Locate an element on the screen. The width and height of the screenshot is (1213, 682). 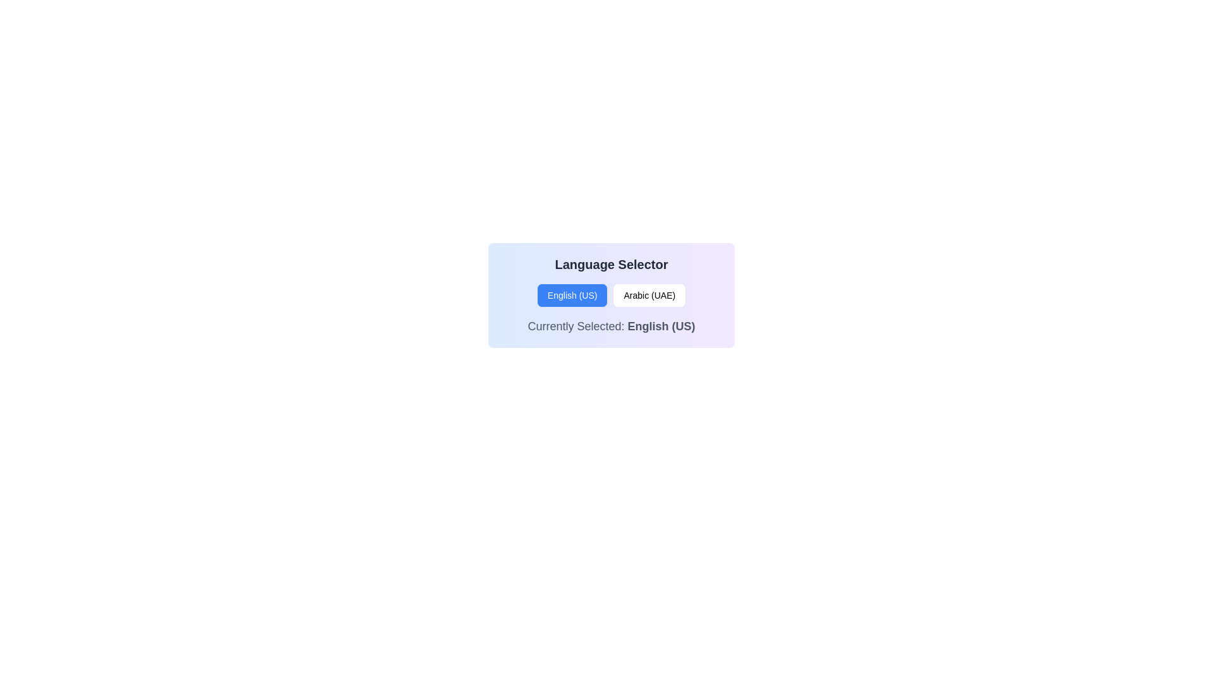
the static text element displaying the currently selected language, which shows 'English (US)' in bold within the language selection interface is located at coordinates (660, 325).